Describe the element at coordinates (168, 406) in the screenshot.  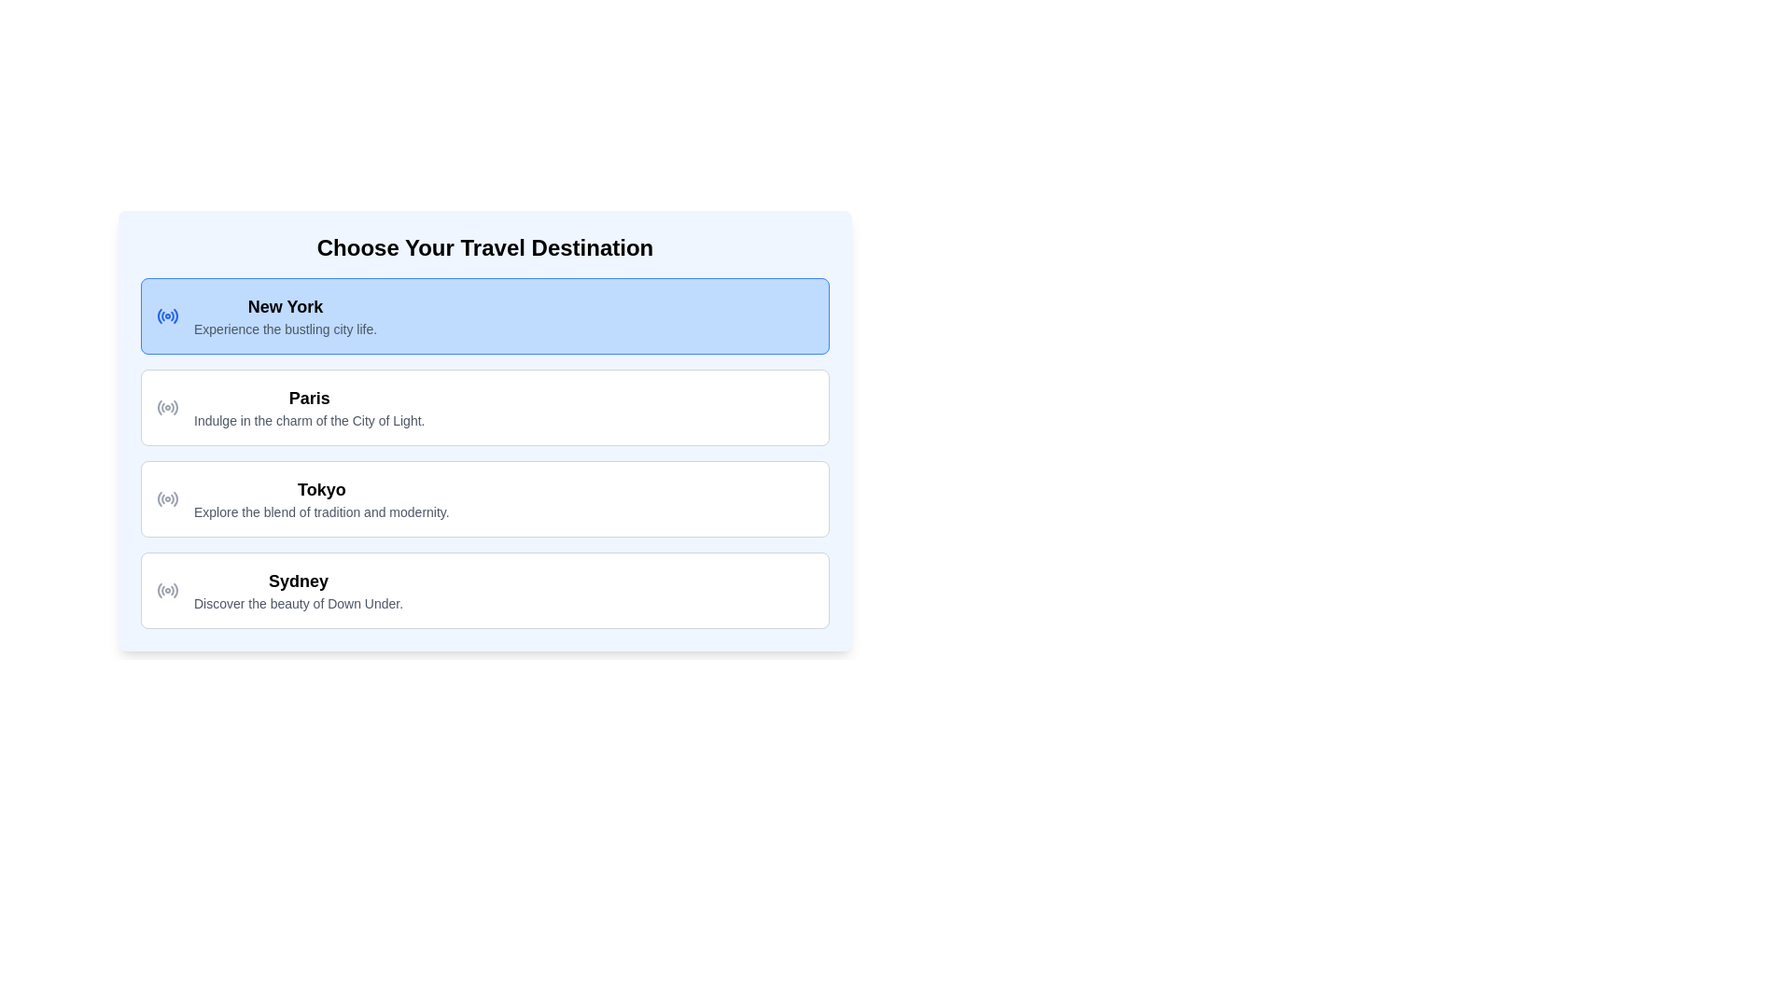
I see `the radio button` at that location.